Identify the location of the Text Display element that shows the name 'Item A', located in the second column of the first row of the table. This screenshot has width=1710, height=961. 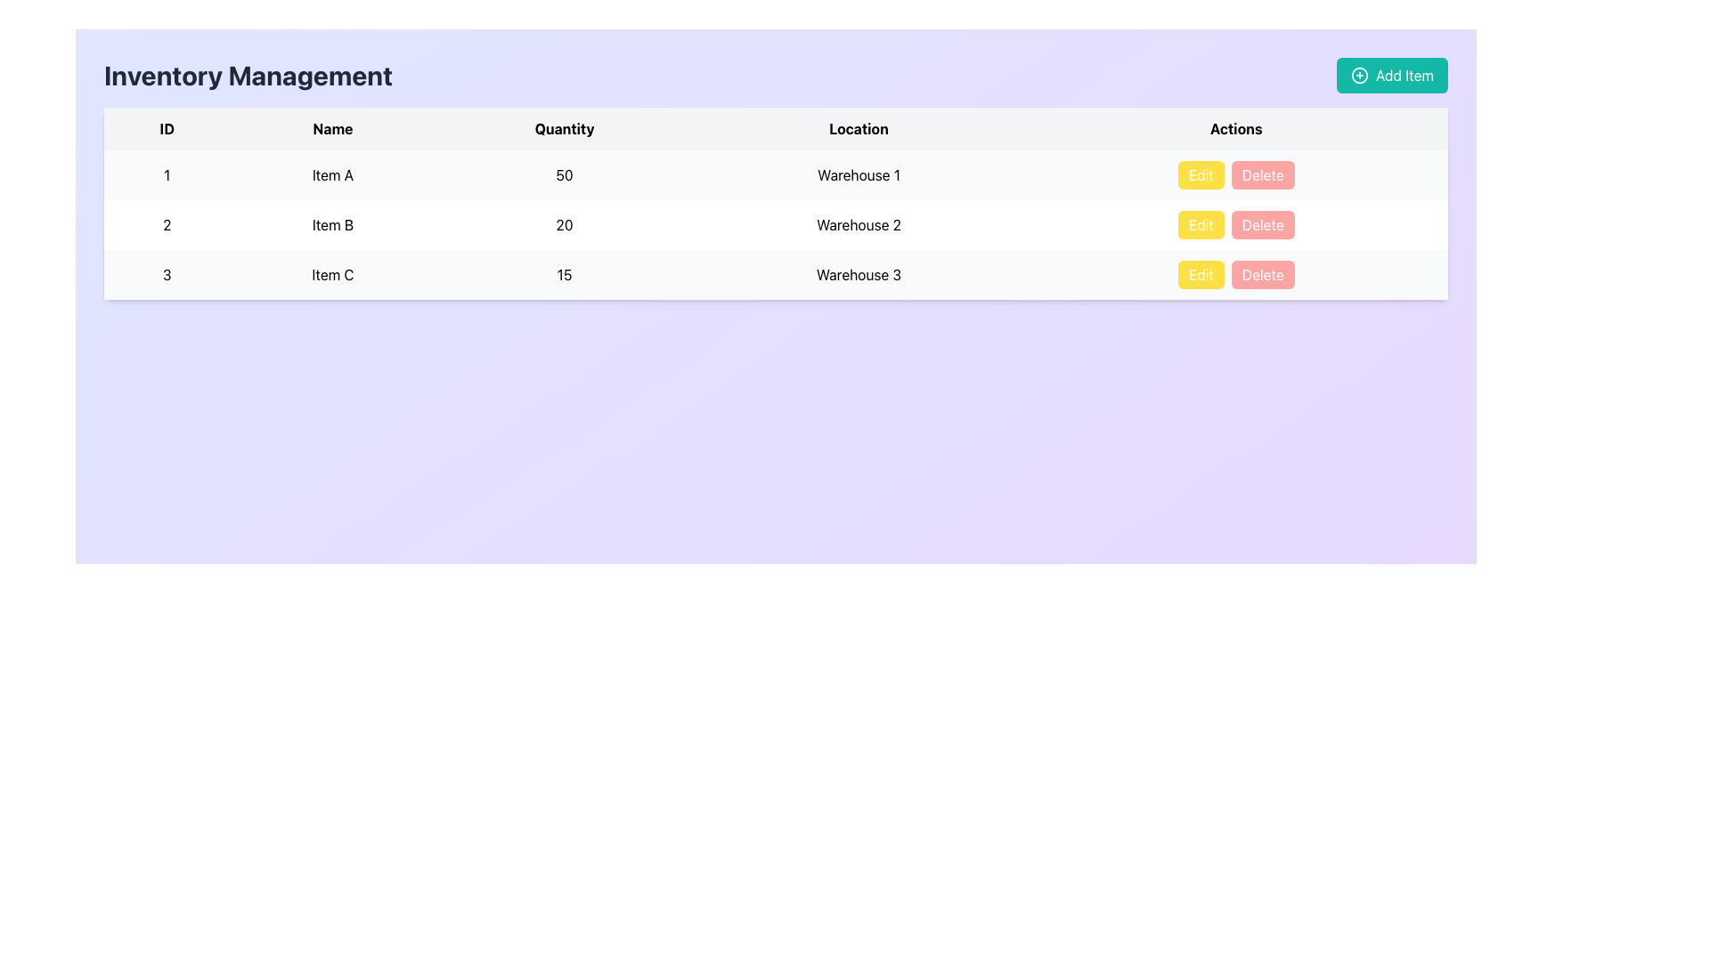
(333, 174).